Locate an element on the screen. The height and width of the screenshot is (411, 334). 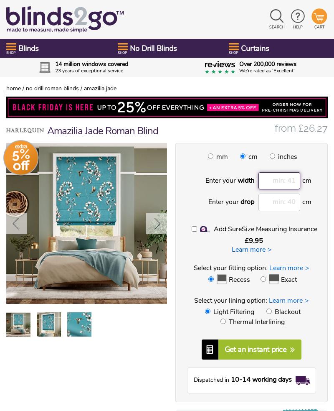
'Don't take our word for it,' is located at coordinates (166, 96).